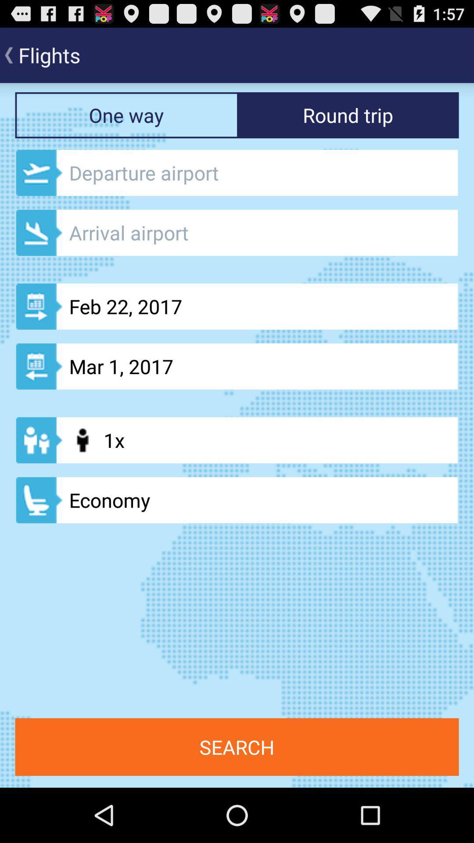  Describe the element at coordinates (237, 173) in the screenshot. I see `departure airport` at that location.